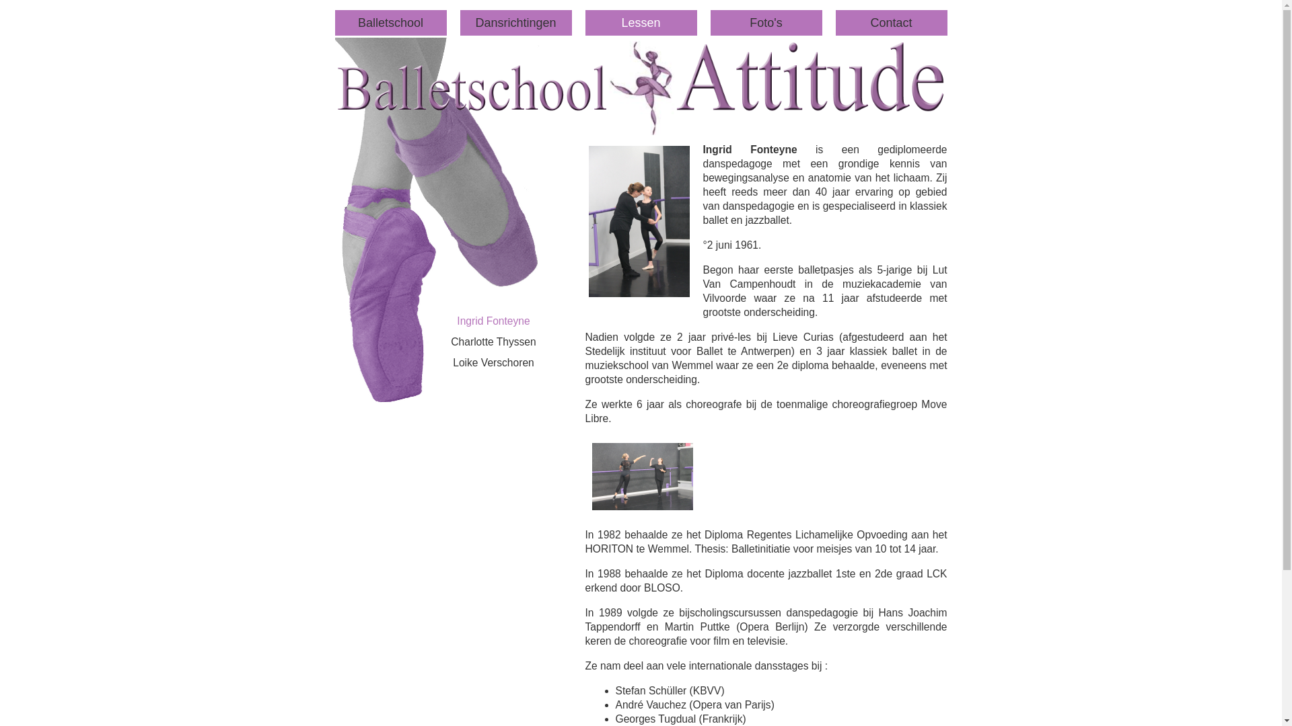 The height and width of the screenshot is (726, 1292). I want to click on 'Lessen', so click(585, 23).